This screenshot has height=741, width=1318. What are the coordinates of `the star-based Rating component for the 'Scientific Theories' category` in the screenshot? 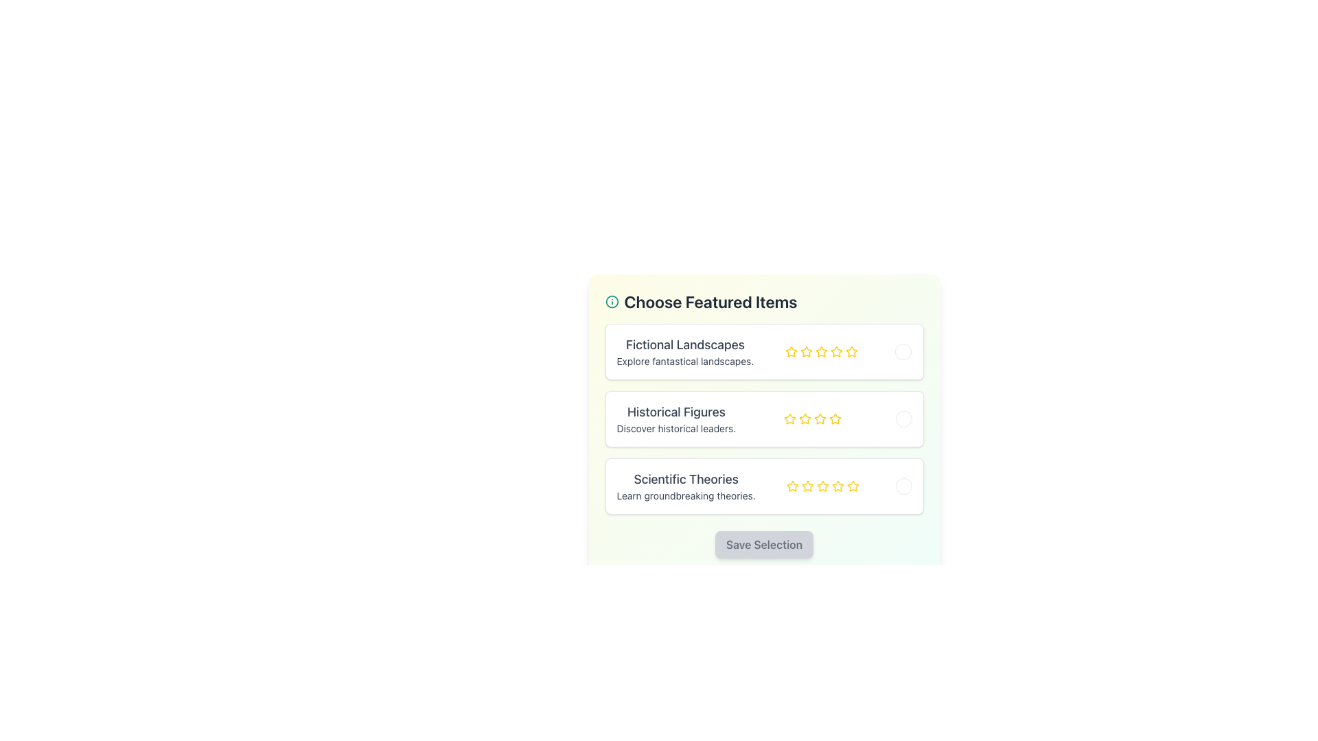 It's located at (822, 486).